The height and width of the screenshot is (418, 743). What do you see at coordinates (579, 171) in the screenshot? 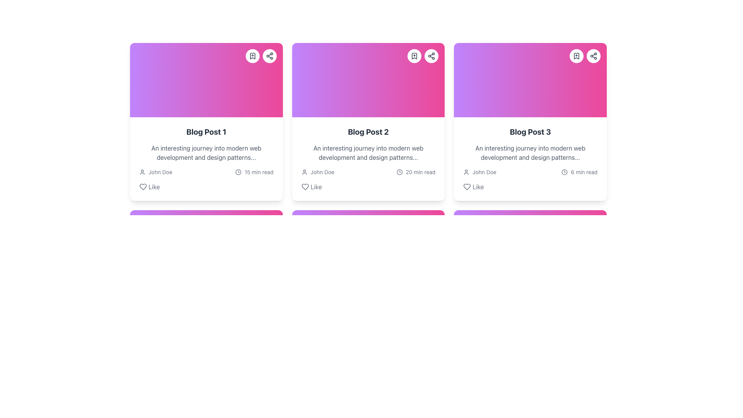
I see `informational label with an icon that provides the estimated reading time for the blog post located under the 'Blog Post 3' title in the third card from the left, positioned to the right of the 'John Doe' text and user icon` at bounding box center [579, 171].